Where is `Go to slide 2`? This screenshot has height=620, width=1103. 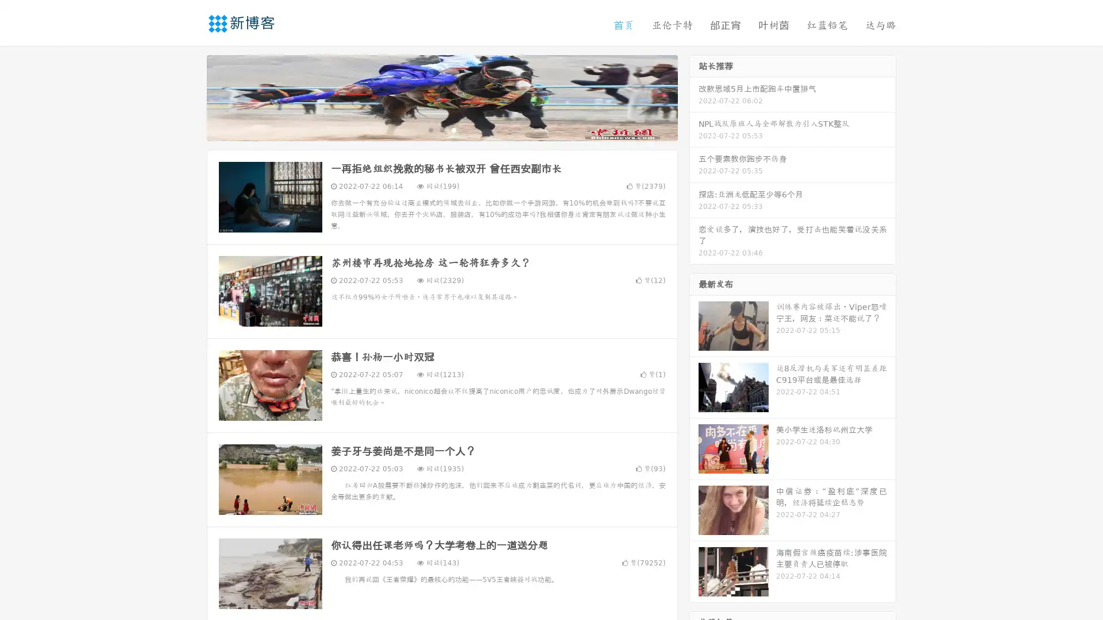
Go to slide 2 is located at coordinates (441, 129).